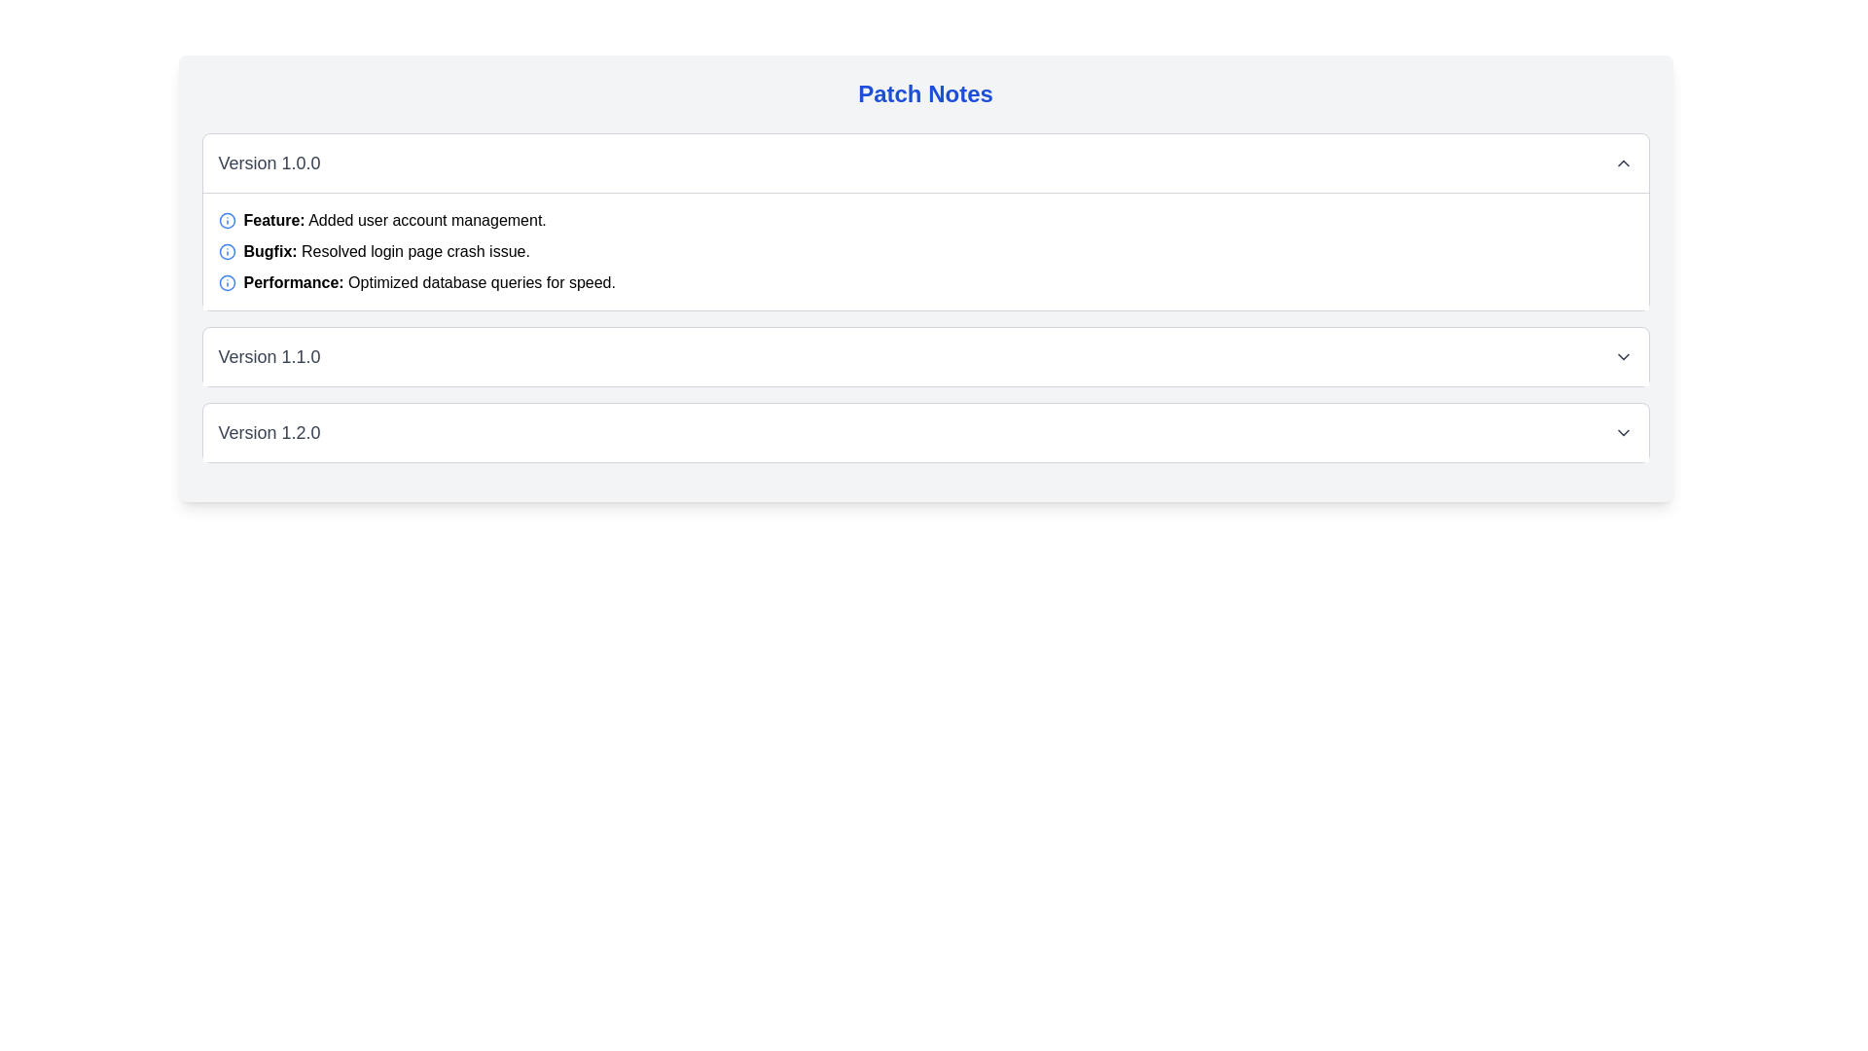 This screenshot has height=1051, width=1868. Describe the element at coordinates (269, 356) in the screenshot. I see `the static text label displaying 'Version 1.1.0', which is part of a collapsible panel system and positioned above 'Version 1.2.0'` at that location.